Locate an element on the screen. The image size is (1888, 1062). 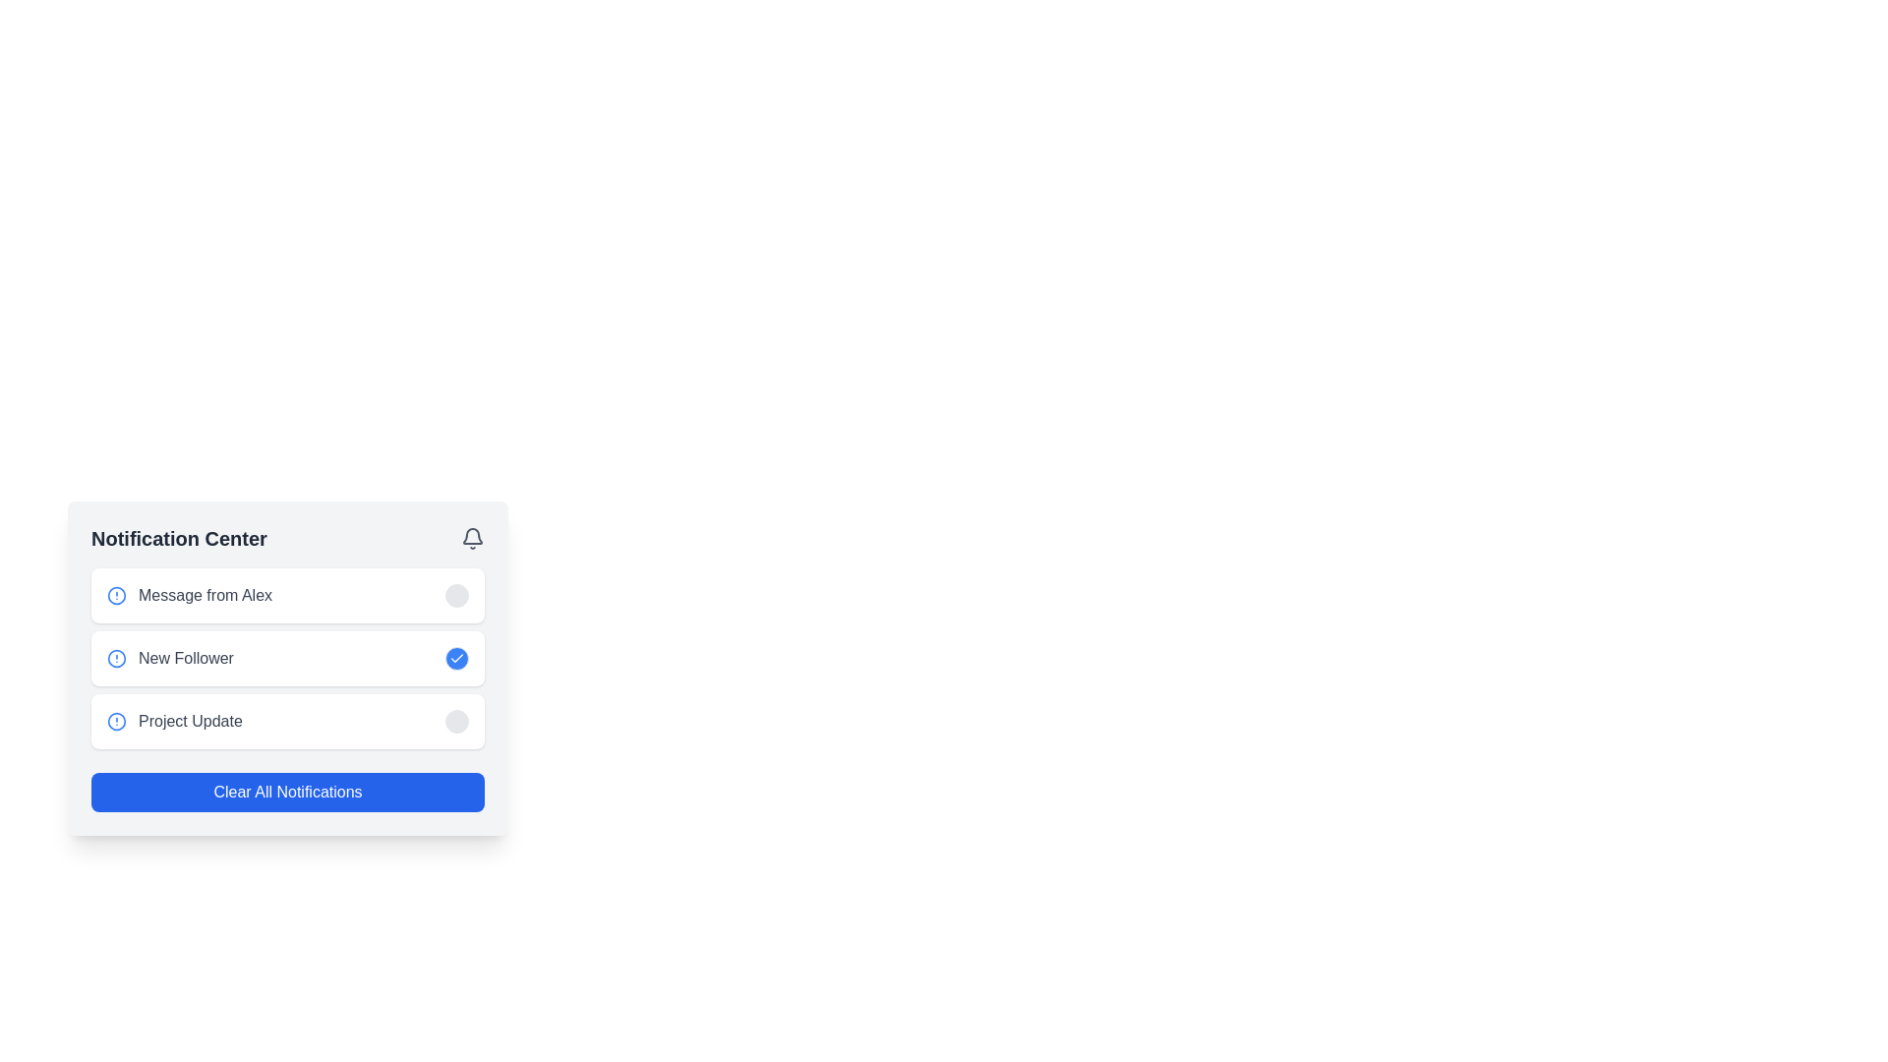
the circular shape within the notification icon that is located next to the 'Message from Alex' text is located at coordinates (116, 594).